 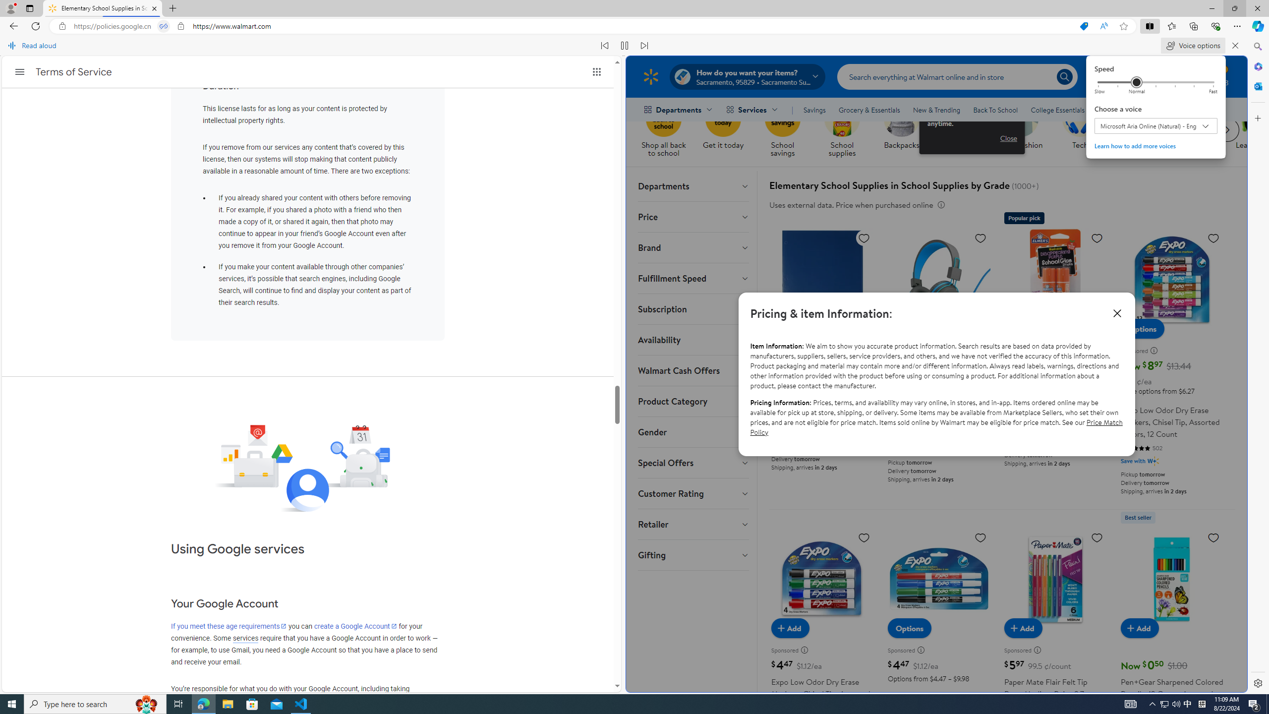 What do you see at coordinates (1267, 703) in the screenshot?
I see `'Show desktop'` at bounding box center [1267, 703].